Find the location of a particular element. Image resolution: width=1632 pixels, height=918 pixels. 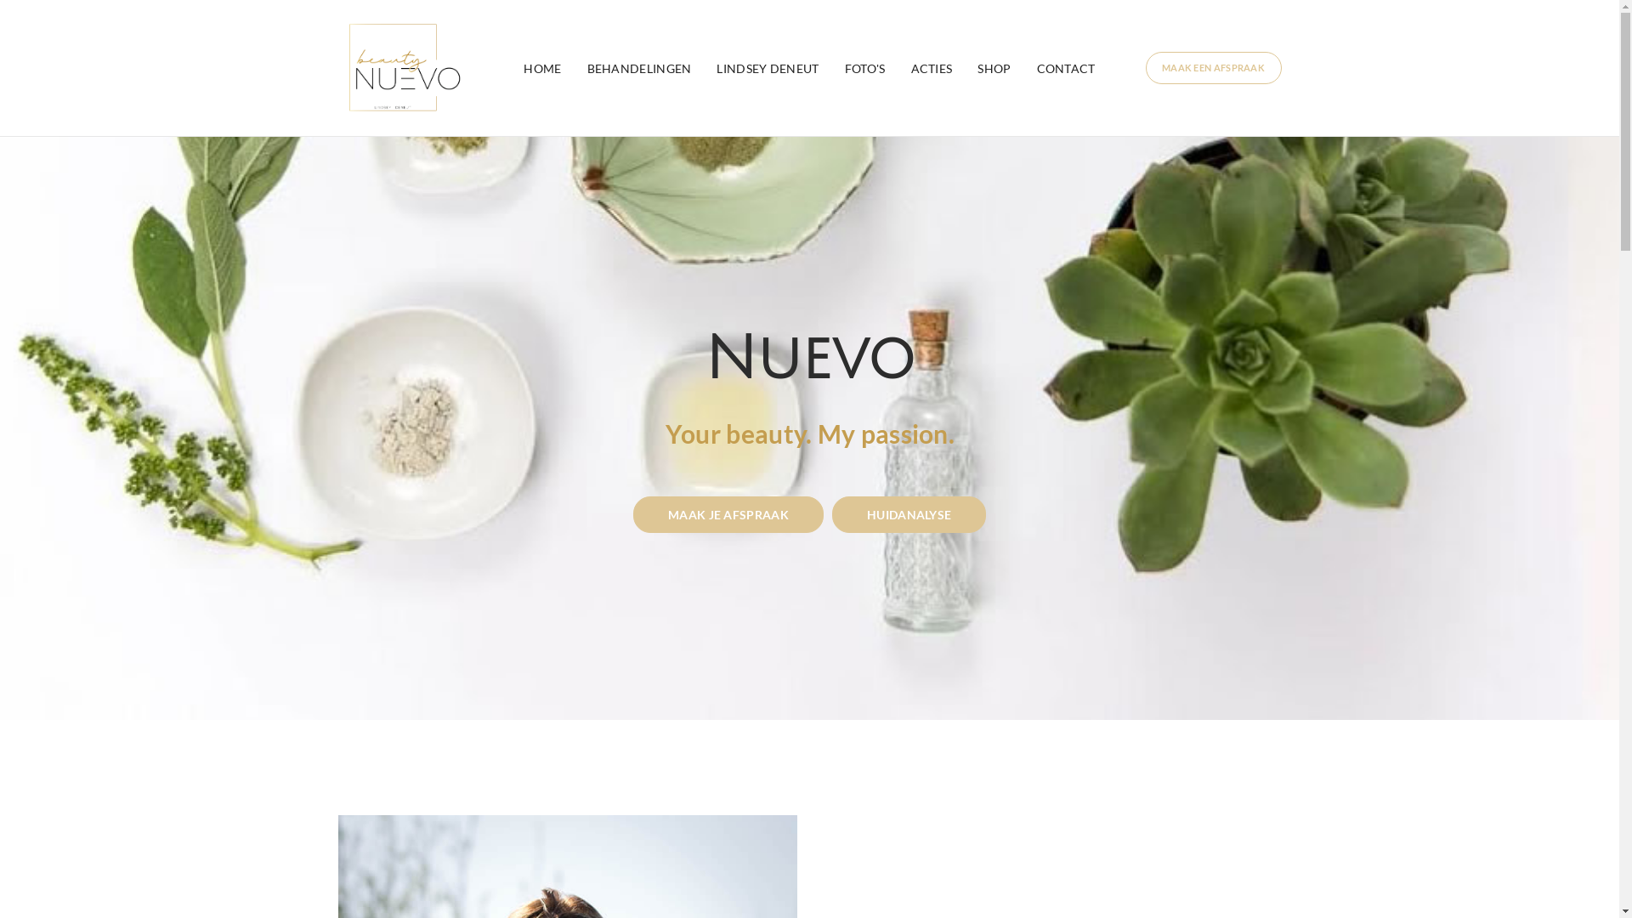

'SHOP' is located at coordinates (994, 67).